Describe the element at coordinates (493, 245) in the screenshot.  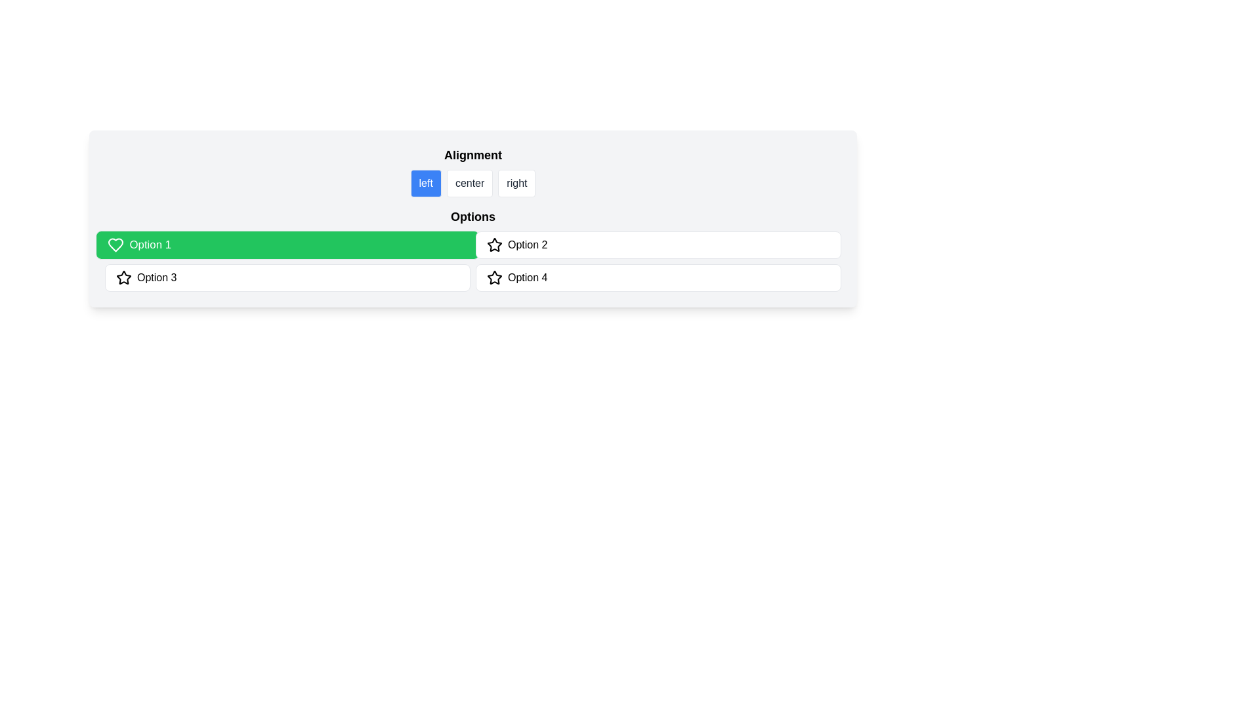
I see `the star-shaped icon located to the left of the 'Option 2' text` at that location.